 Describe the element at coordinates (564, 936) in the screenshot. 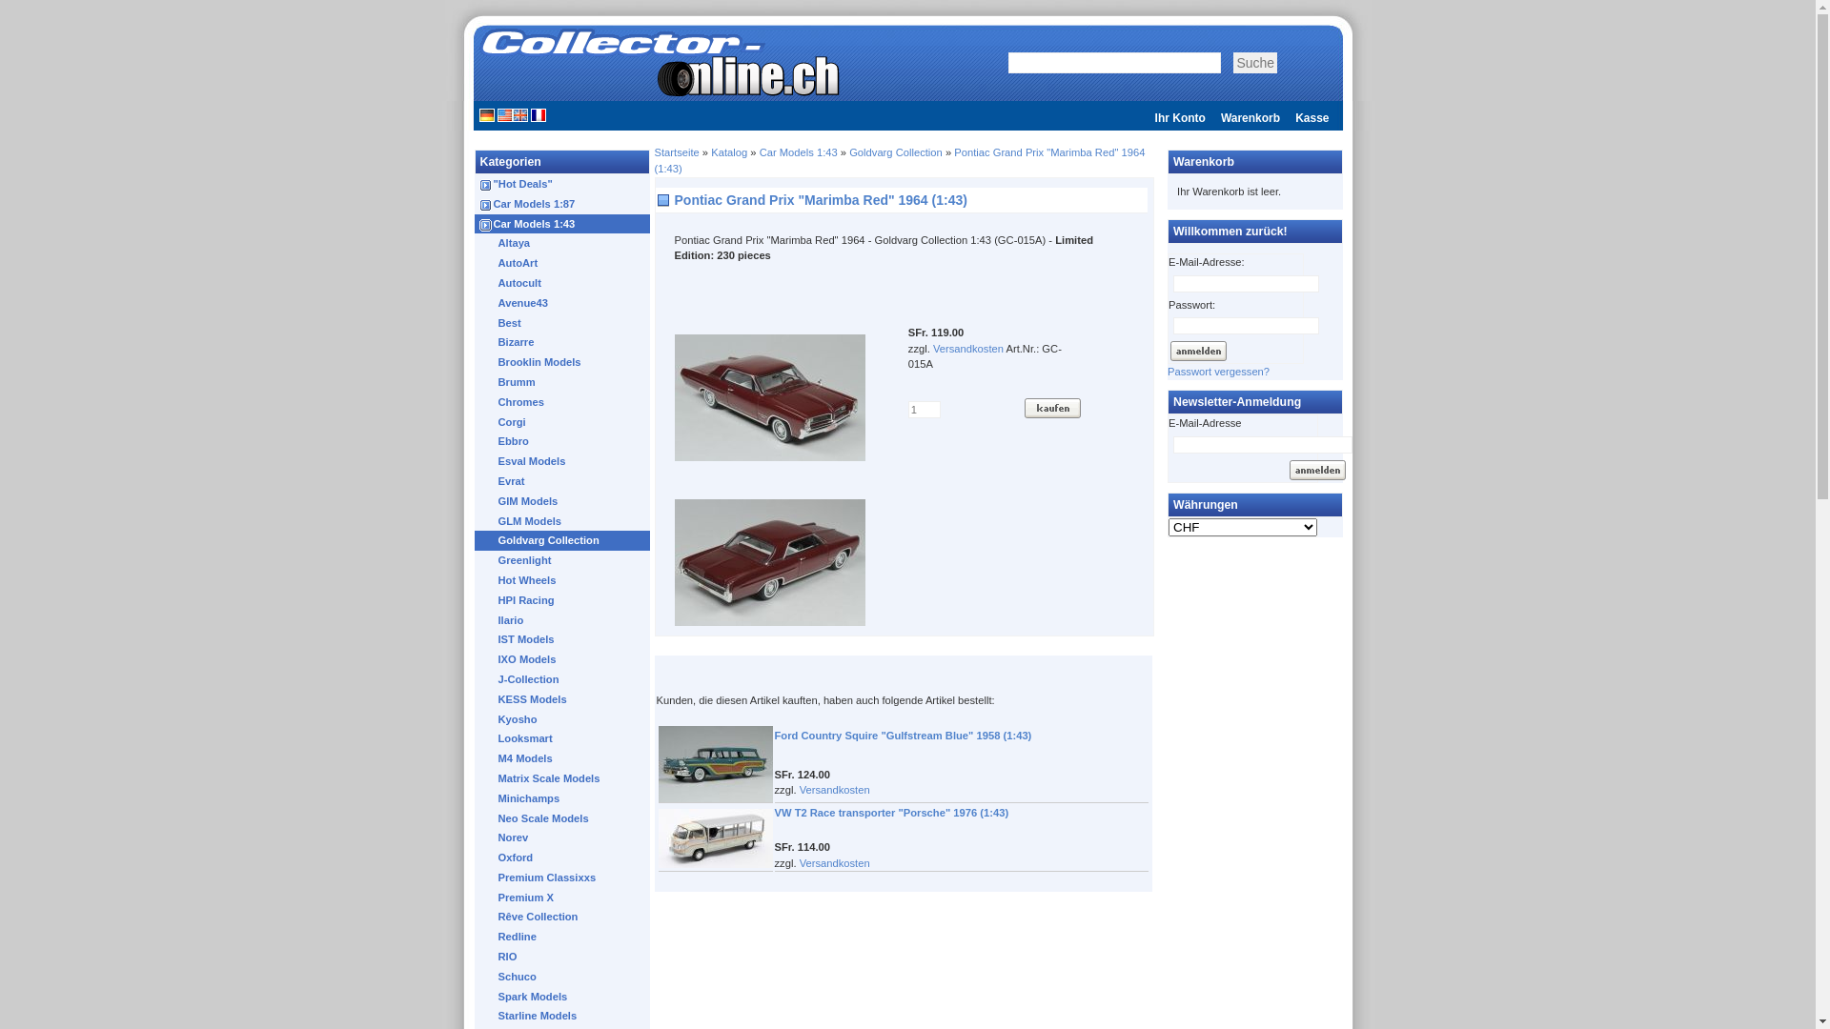

I see `'Redline'` at that location.